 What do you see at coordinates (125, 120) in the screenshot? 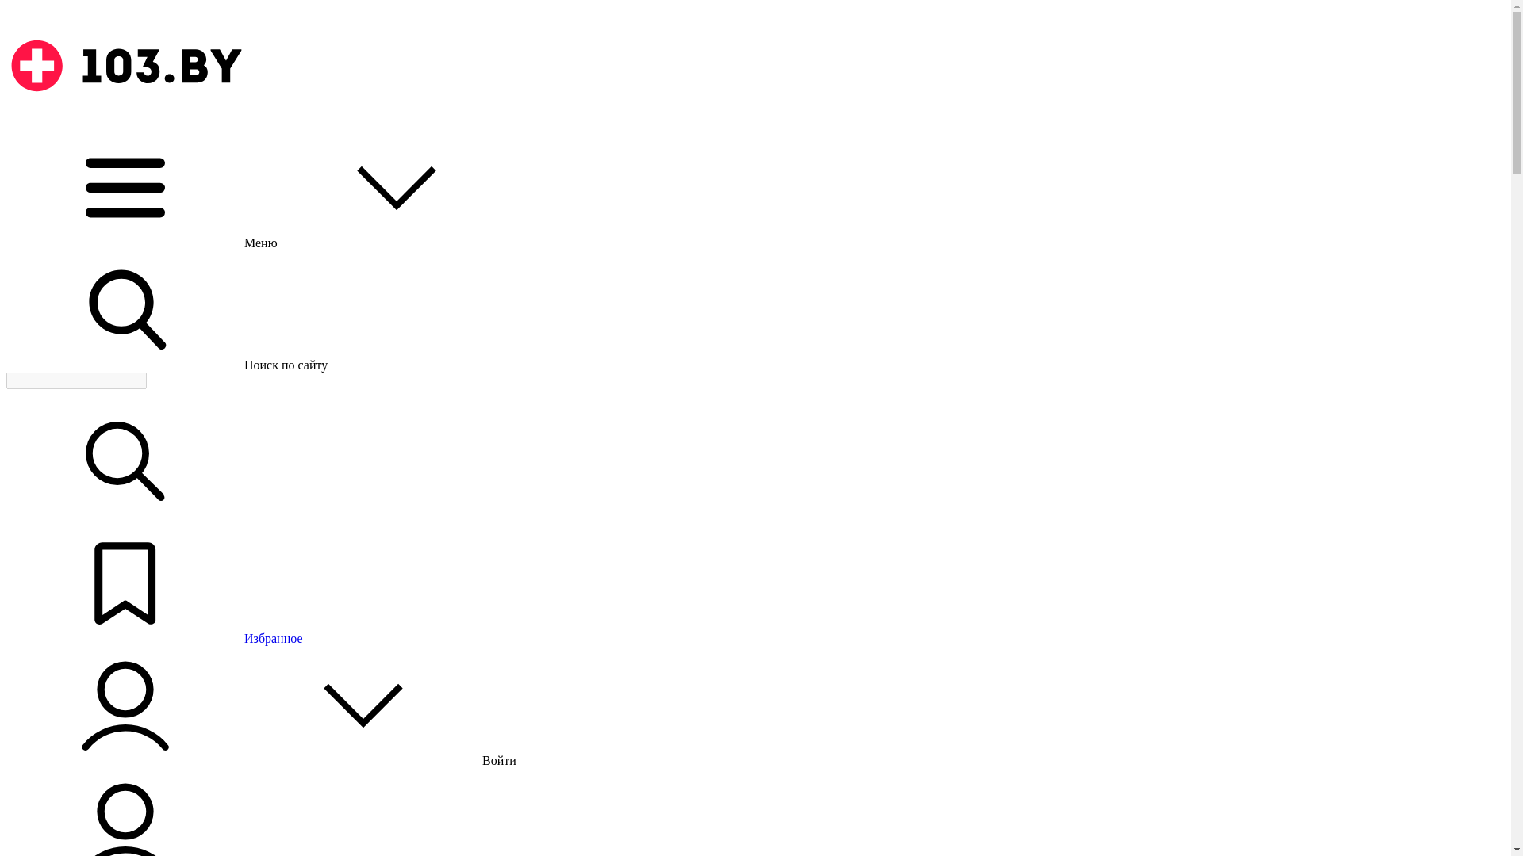
I see `'logo'` at bounding box center [125, 120].